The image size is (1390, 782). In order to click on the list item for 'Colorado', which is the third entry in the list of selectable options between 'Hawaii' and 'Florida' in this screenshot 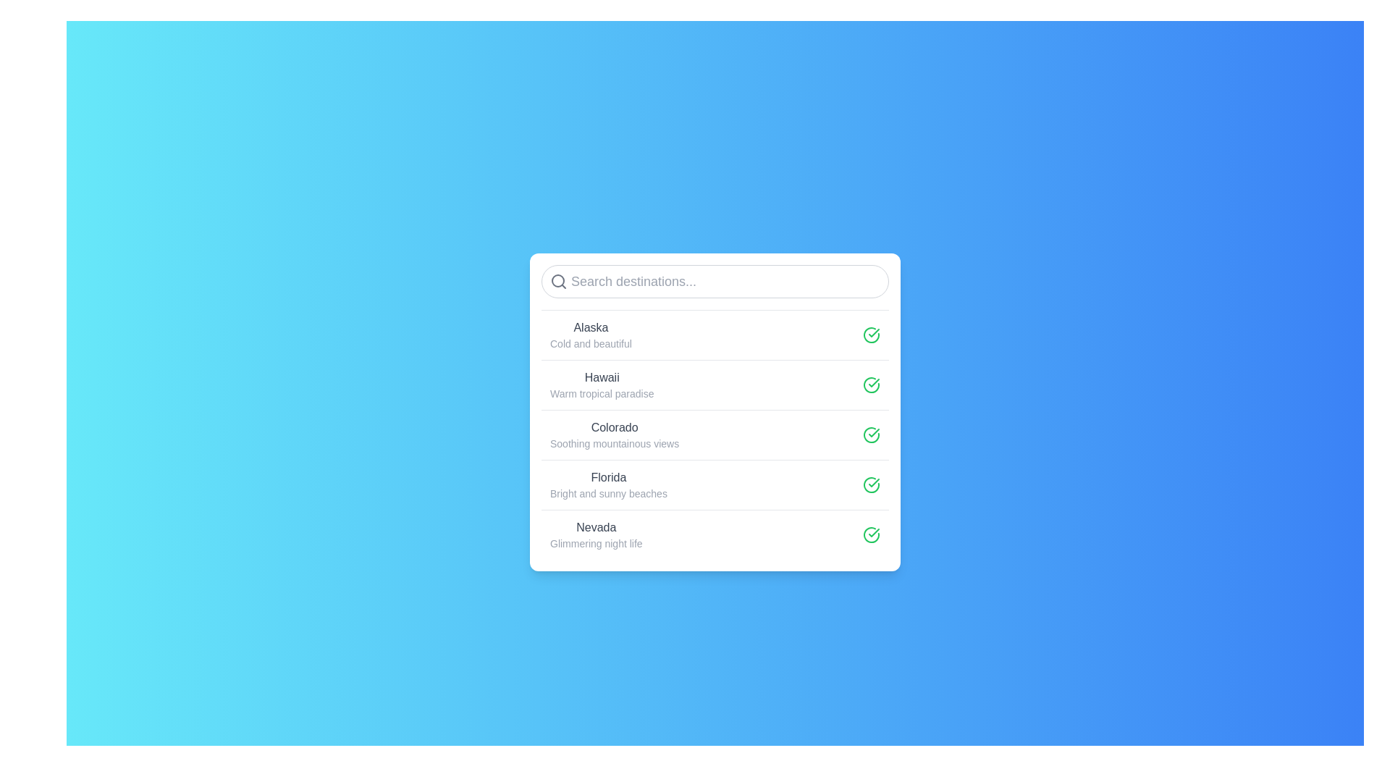, I will do `click(715, 434)`.